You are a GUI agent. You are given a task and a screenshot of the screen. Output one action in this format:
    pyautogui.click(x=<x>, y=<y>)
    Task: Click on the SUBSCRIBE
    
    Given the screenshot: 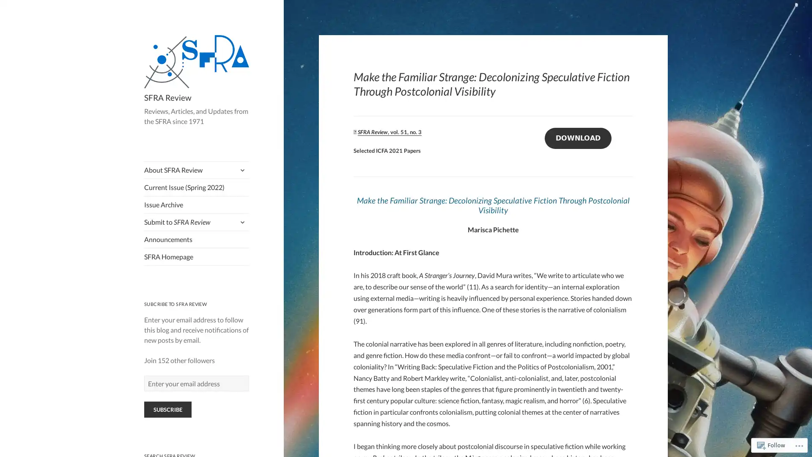 What is the action you would take?
    pyautogui.click(x=167, y=409)
    